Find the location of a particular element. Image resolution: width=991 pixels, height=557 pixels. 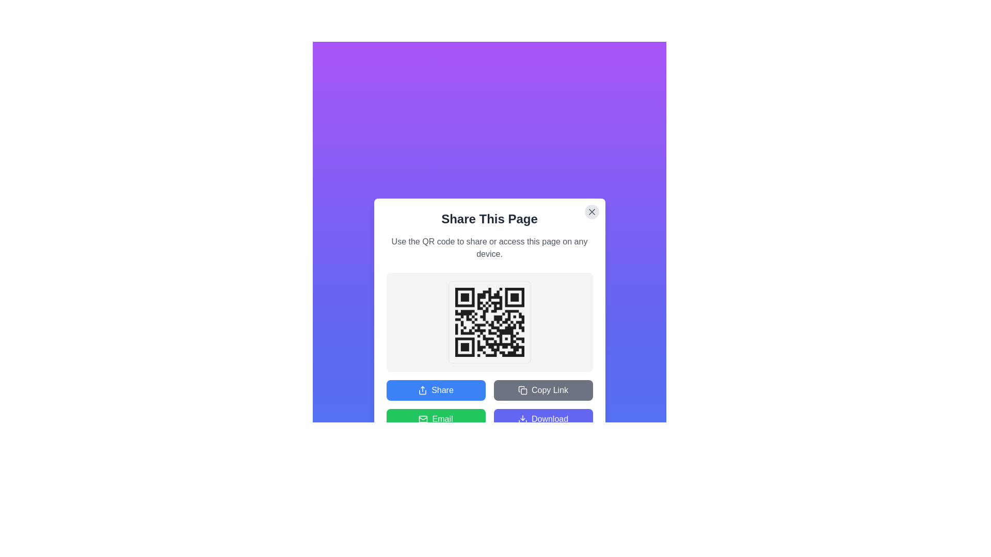

the QR code image embedded in the modal, located below the heading 'Share This Page' and above the 'Share' and 'Copy Link' buttons is located at coordinates (489, 321).